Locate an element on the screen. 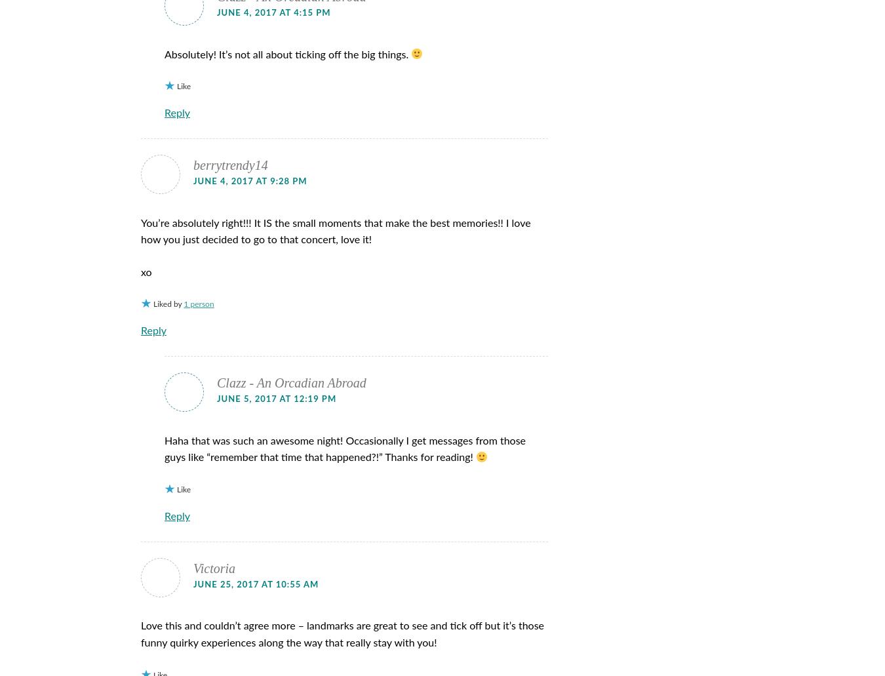  'June 4, 2017 at 9:28 pm' is located at coordinates (250, 181).